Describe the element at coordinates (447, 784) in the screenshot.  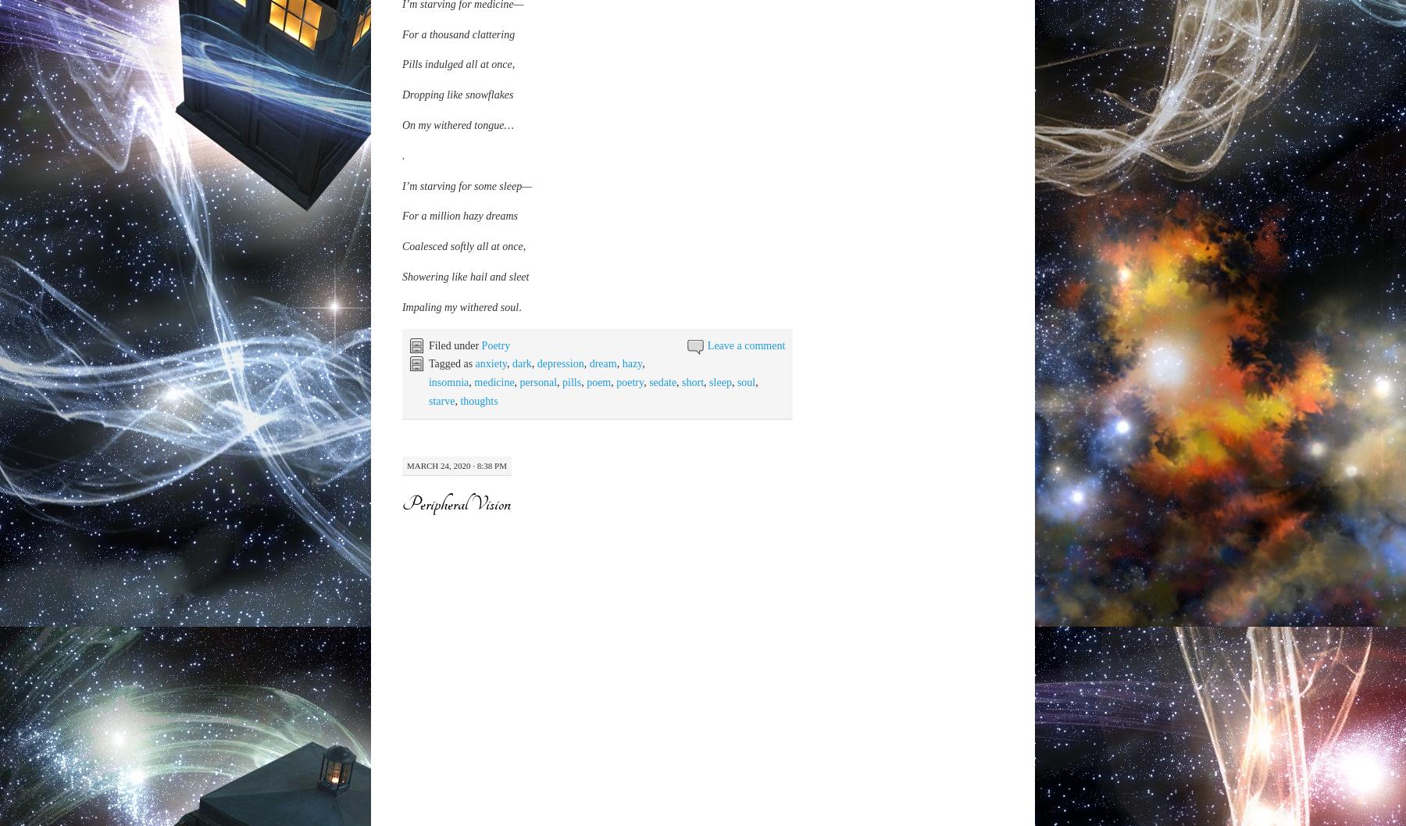
I see `'But it seems that I’m'` at that location.